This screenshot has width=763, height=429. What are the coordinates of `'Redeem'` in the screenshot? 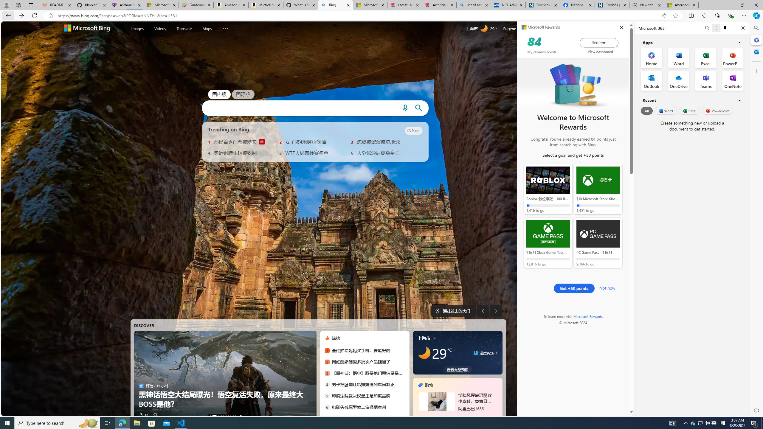 It's located at (599, 42).